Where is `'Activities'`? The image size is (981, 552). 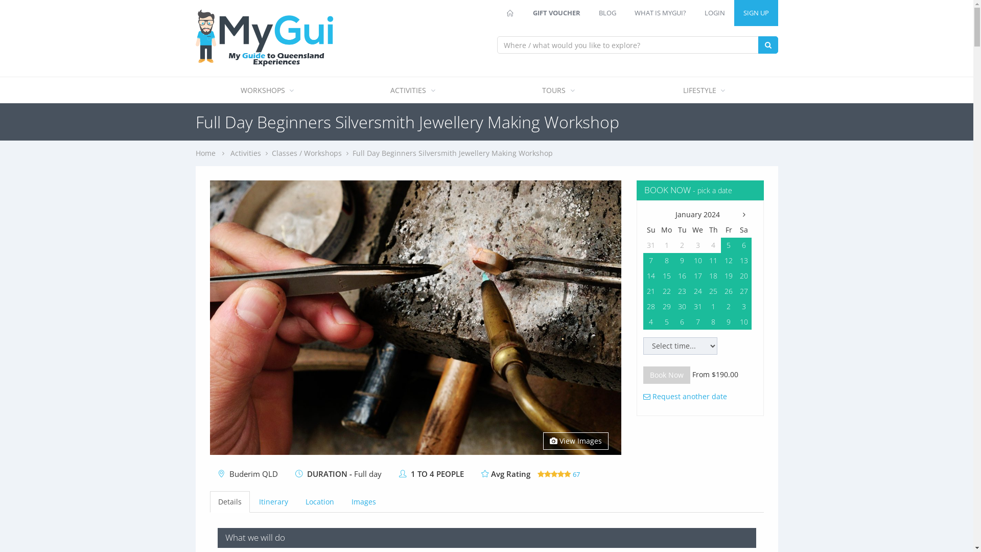 'Activities' is located at coordinates (245, 153).